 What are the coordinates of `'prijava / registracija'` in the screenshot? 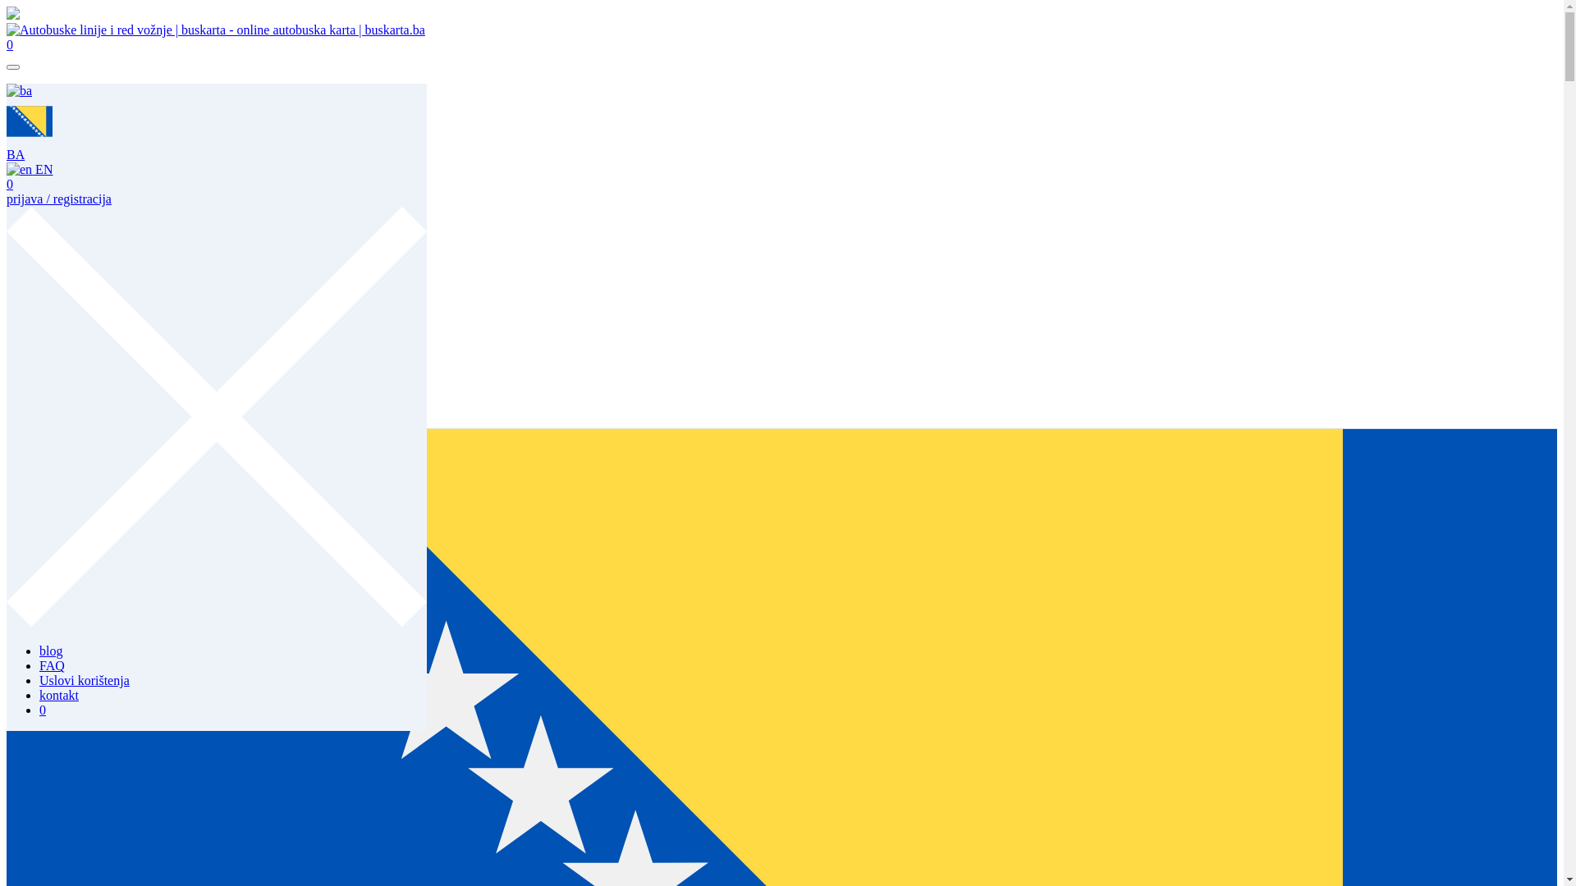 It's located at (59, 198).